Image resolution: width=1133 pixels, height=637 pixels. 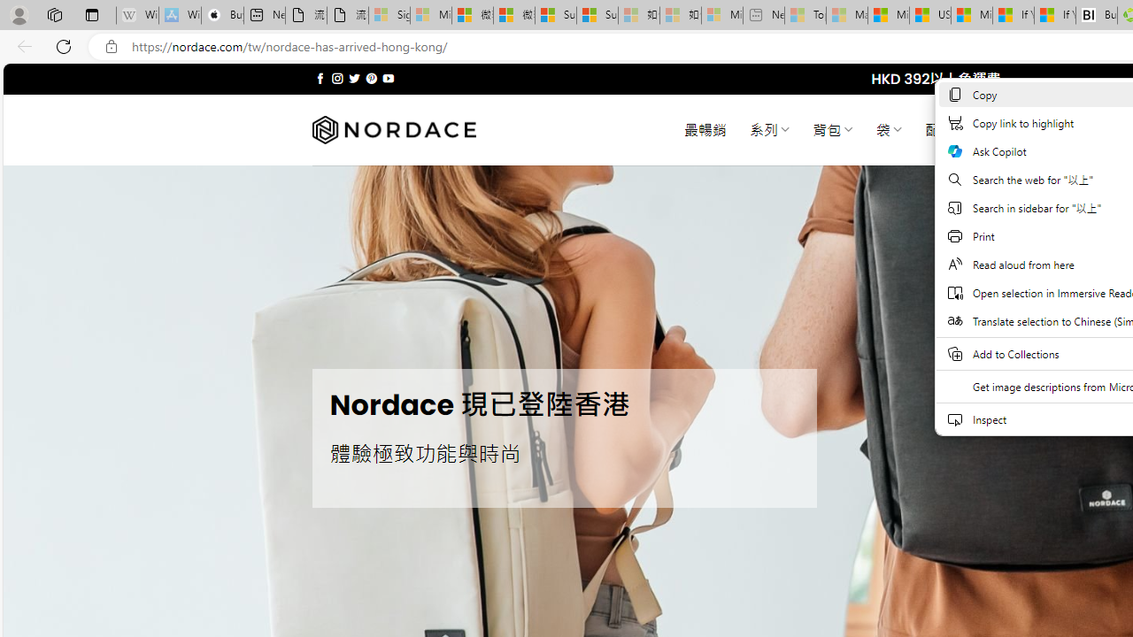 I want to click on 'Microsoft Services Agreement - Sleeping', so click(x=430, y=15).